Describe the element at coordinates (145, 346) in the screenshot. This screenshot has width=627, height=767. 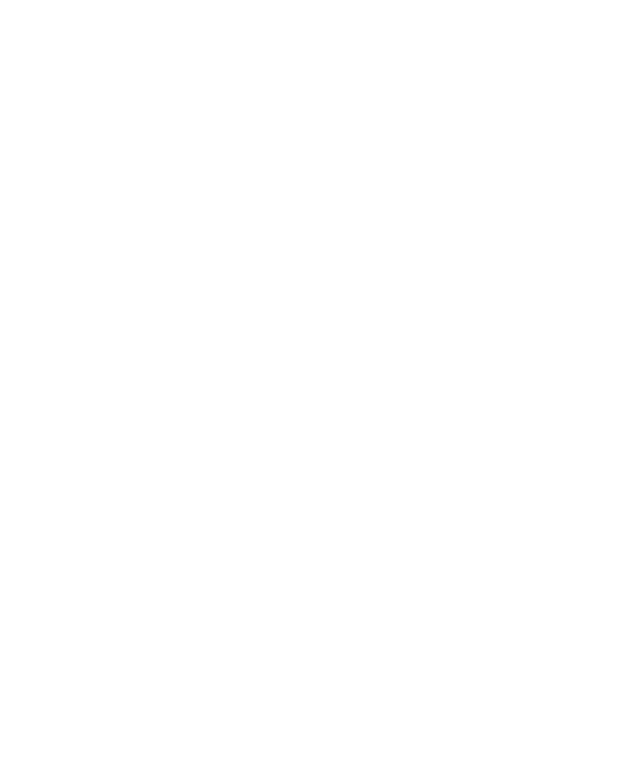
I see `'(45)'` at that location.